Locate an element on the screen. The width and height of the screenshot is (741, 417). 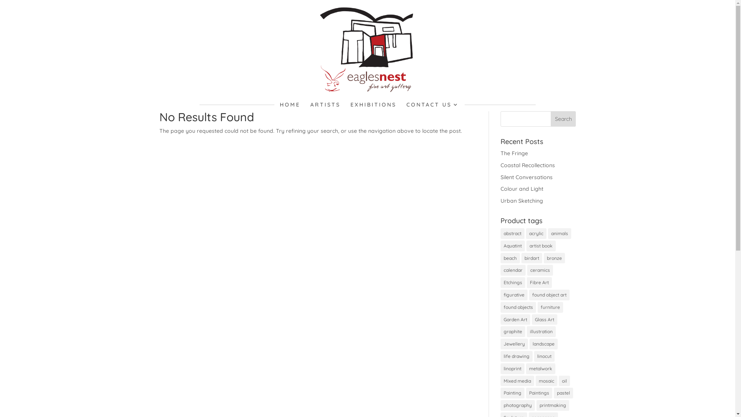
'Silent Conversations' is located at coordinates (526, 177).